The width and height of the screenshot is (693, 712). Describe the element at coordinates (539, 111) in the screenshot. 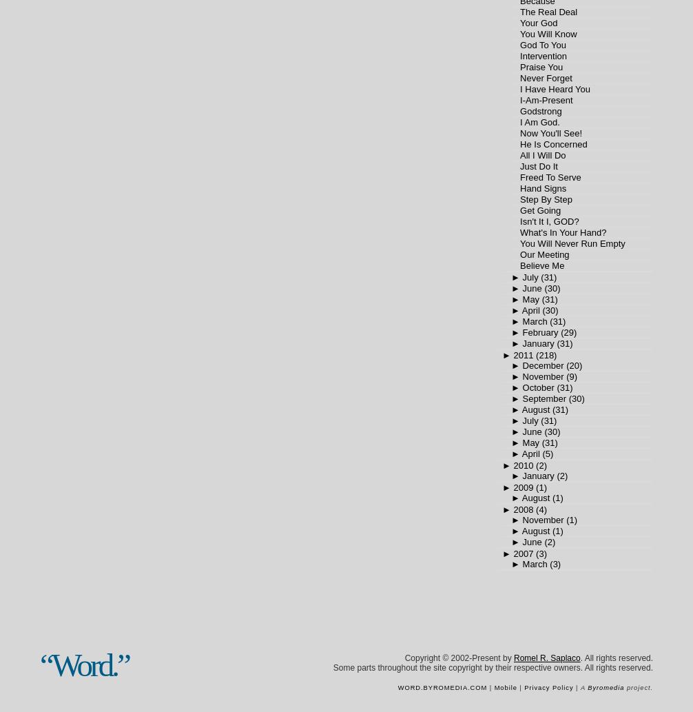

I see `'Godstrong'` at that location.